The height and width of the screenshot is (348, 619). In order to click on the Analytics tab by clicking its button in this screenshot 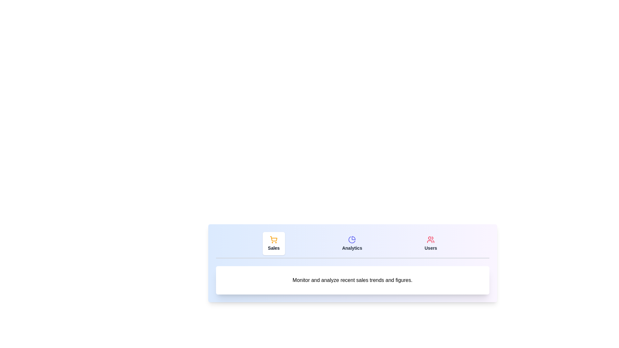, I will do `click(352, 244)`.